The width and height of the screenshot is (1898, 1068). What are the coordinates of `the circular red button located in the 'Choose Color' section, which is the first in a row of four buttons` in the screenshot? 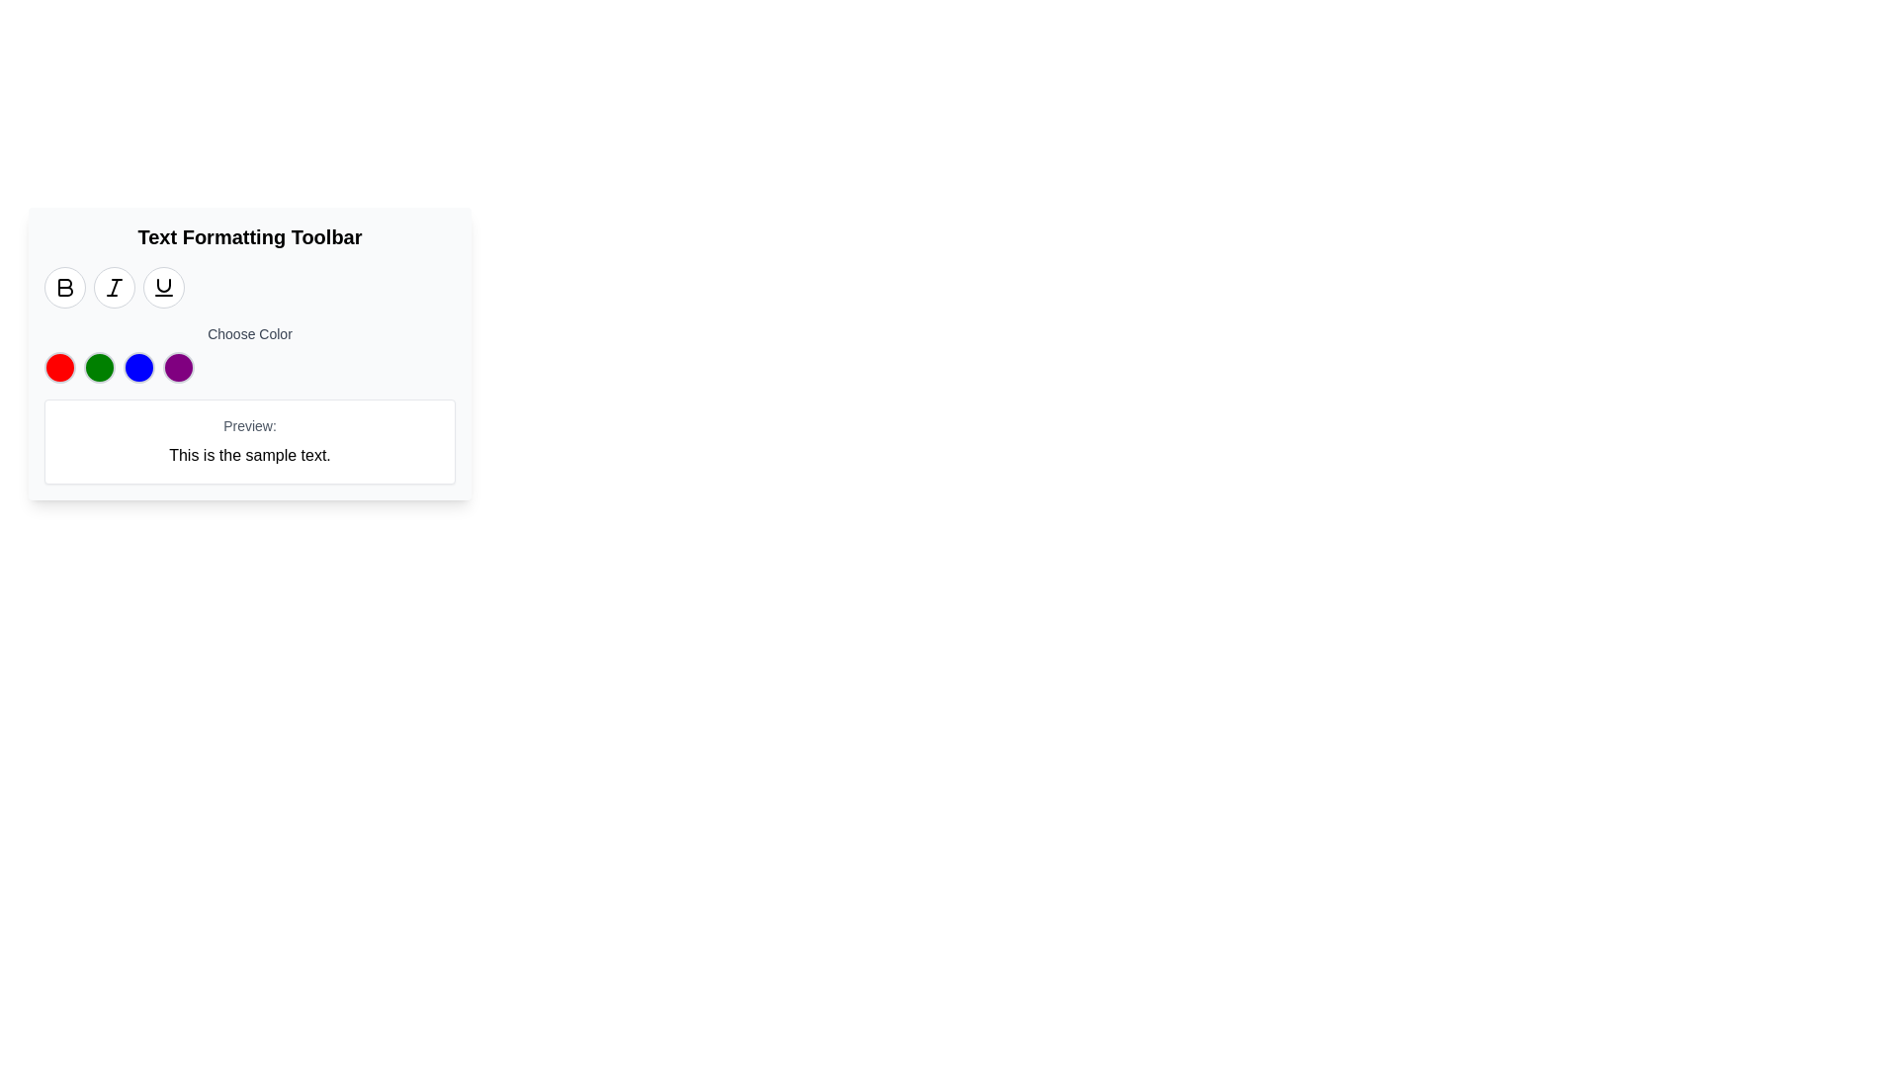 It's located at (60, 367).